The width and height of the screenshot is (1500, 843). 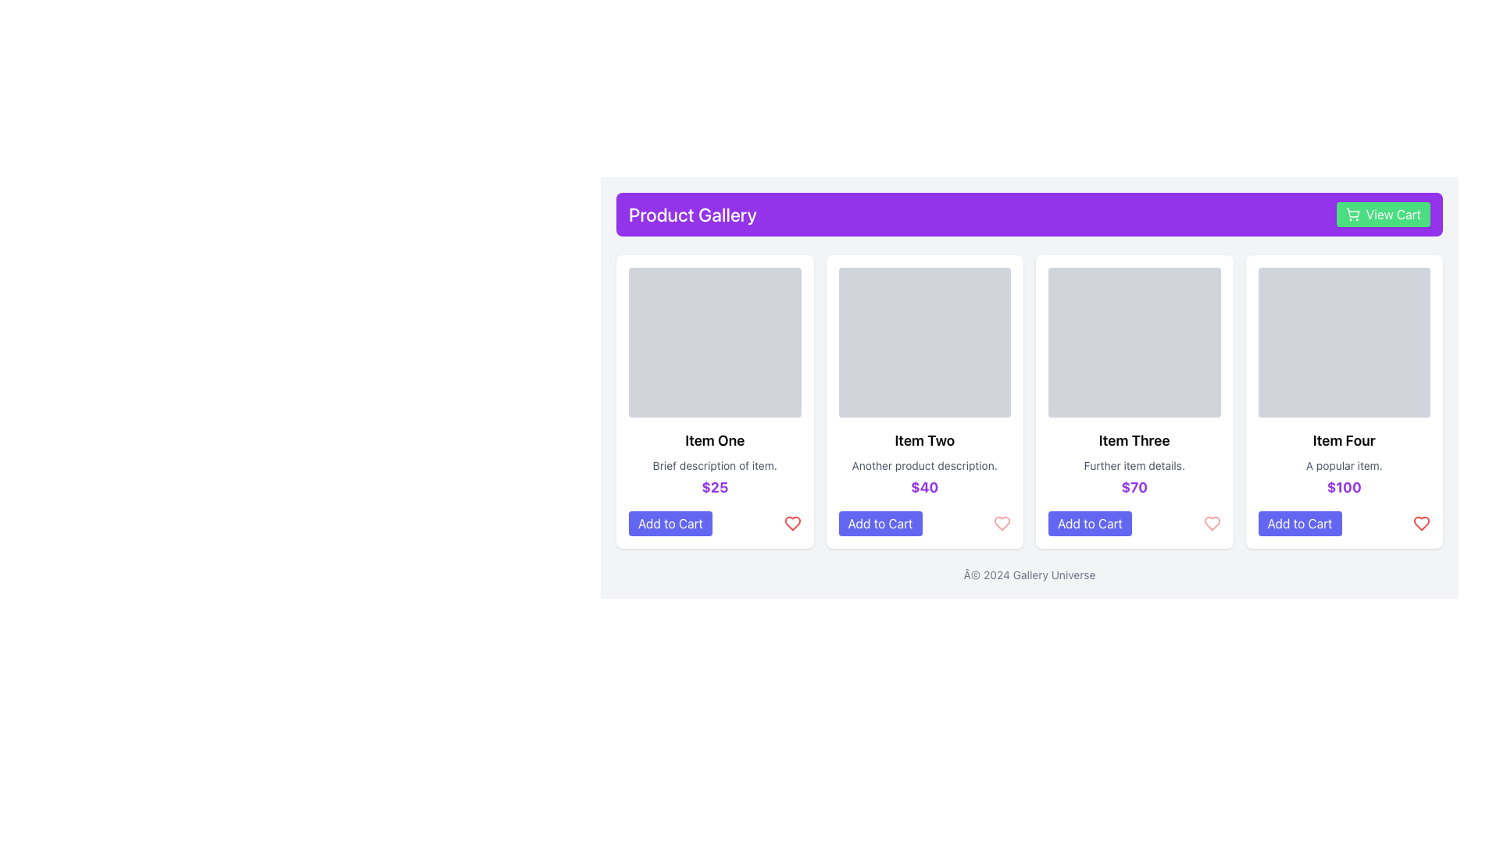 I want to click on the heart icon located below the 'Item Two' card in the product gallery, so click(x=1002, y=524).